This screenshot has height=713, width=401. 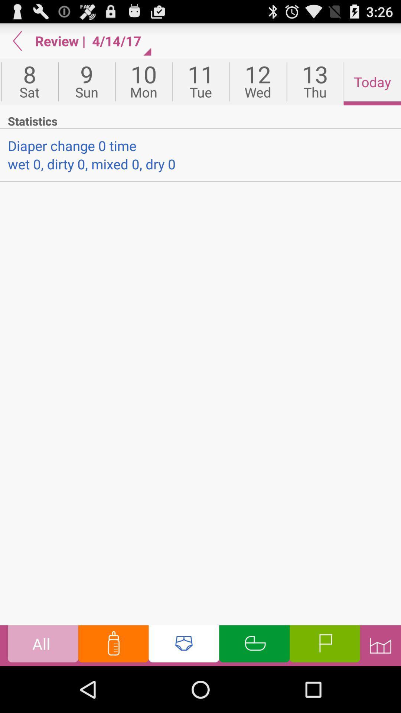 What do you see at coordinates (380, 645) in the screenshot?
I see `historical information` at bounding box center [380, 645].